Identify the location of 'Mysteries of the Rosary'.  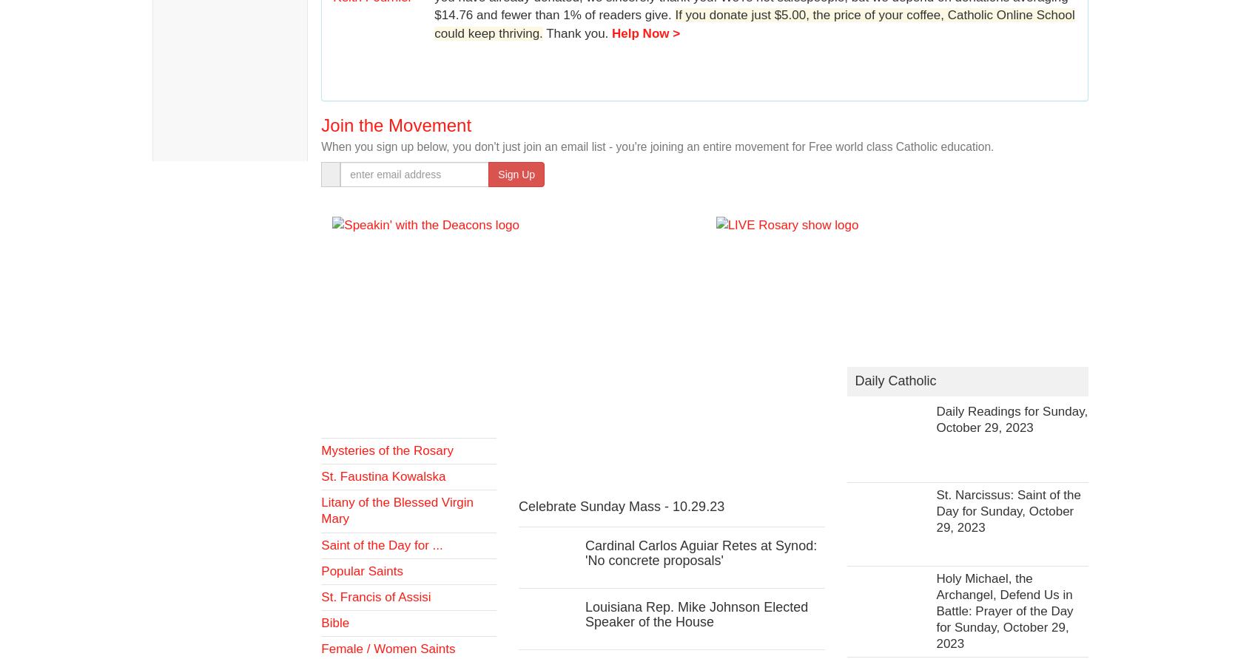
(386, 450).